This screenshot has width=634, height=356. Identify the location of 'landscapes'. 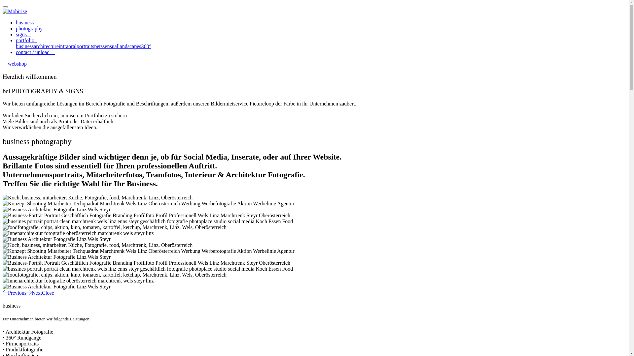
(118, 46).